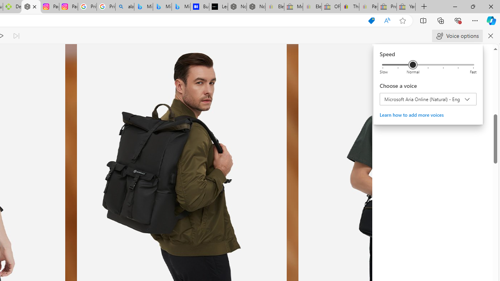 The width and height of the screenshot is (500, 281). Describe the element at coordinates (143, 7) in the screenshot. I see `'Microsoft Bing Travel - Flights from Hong Kong to Bangkok'` at that location.